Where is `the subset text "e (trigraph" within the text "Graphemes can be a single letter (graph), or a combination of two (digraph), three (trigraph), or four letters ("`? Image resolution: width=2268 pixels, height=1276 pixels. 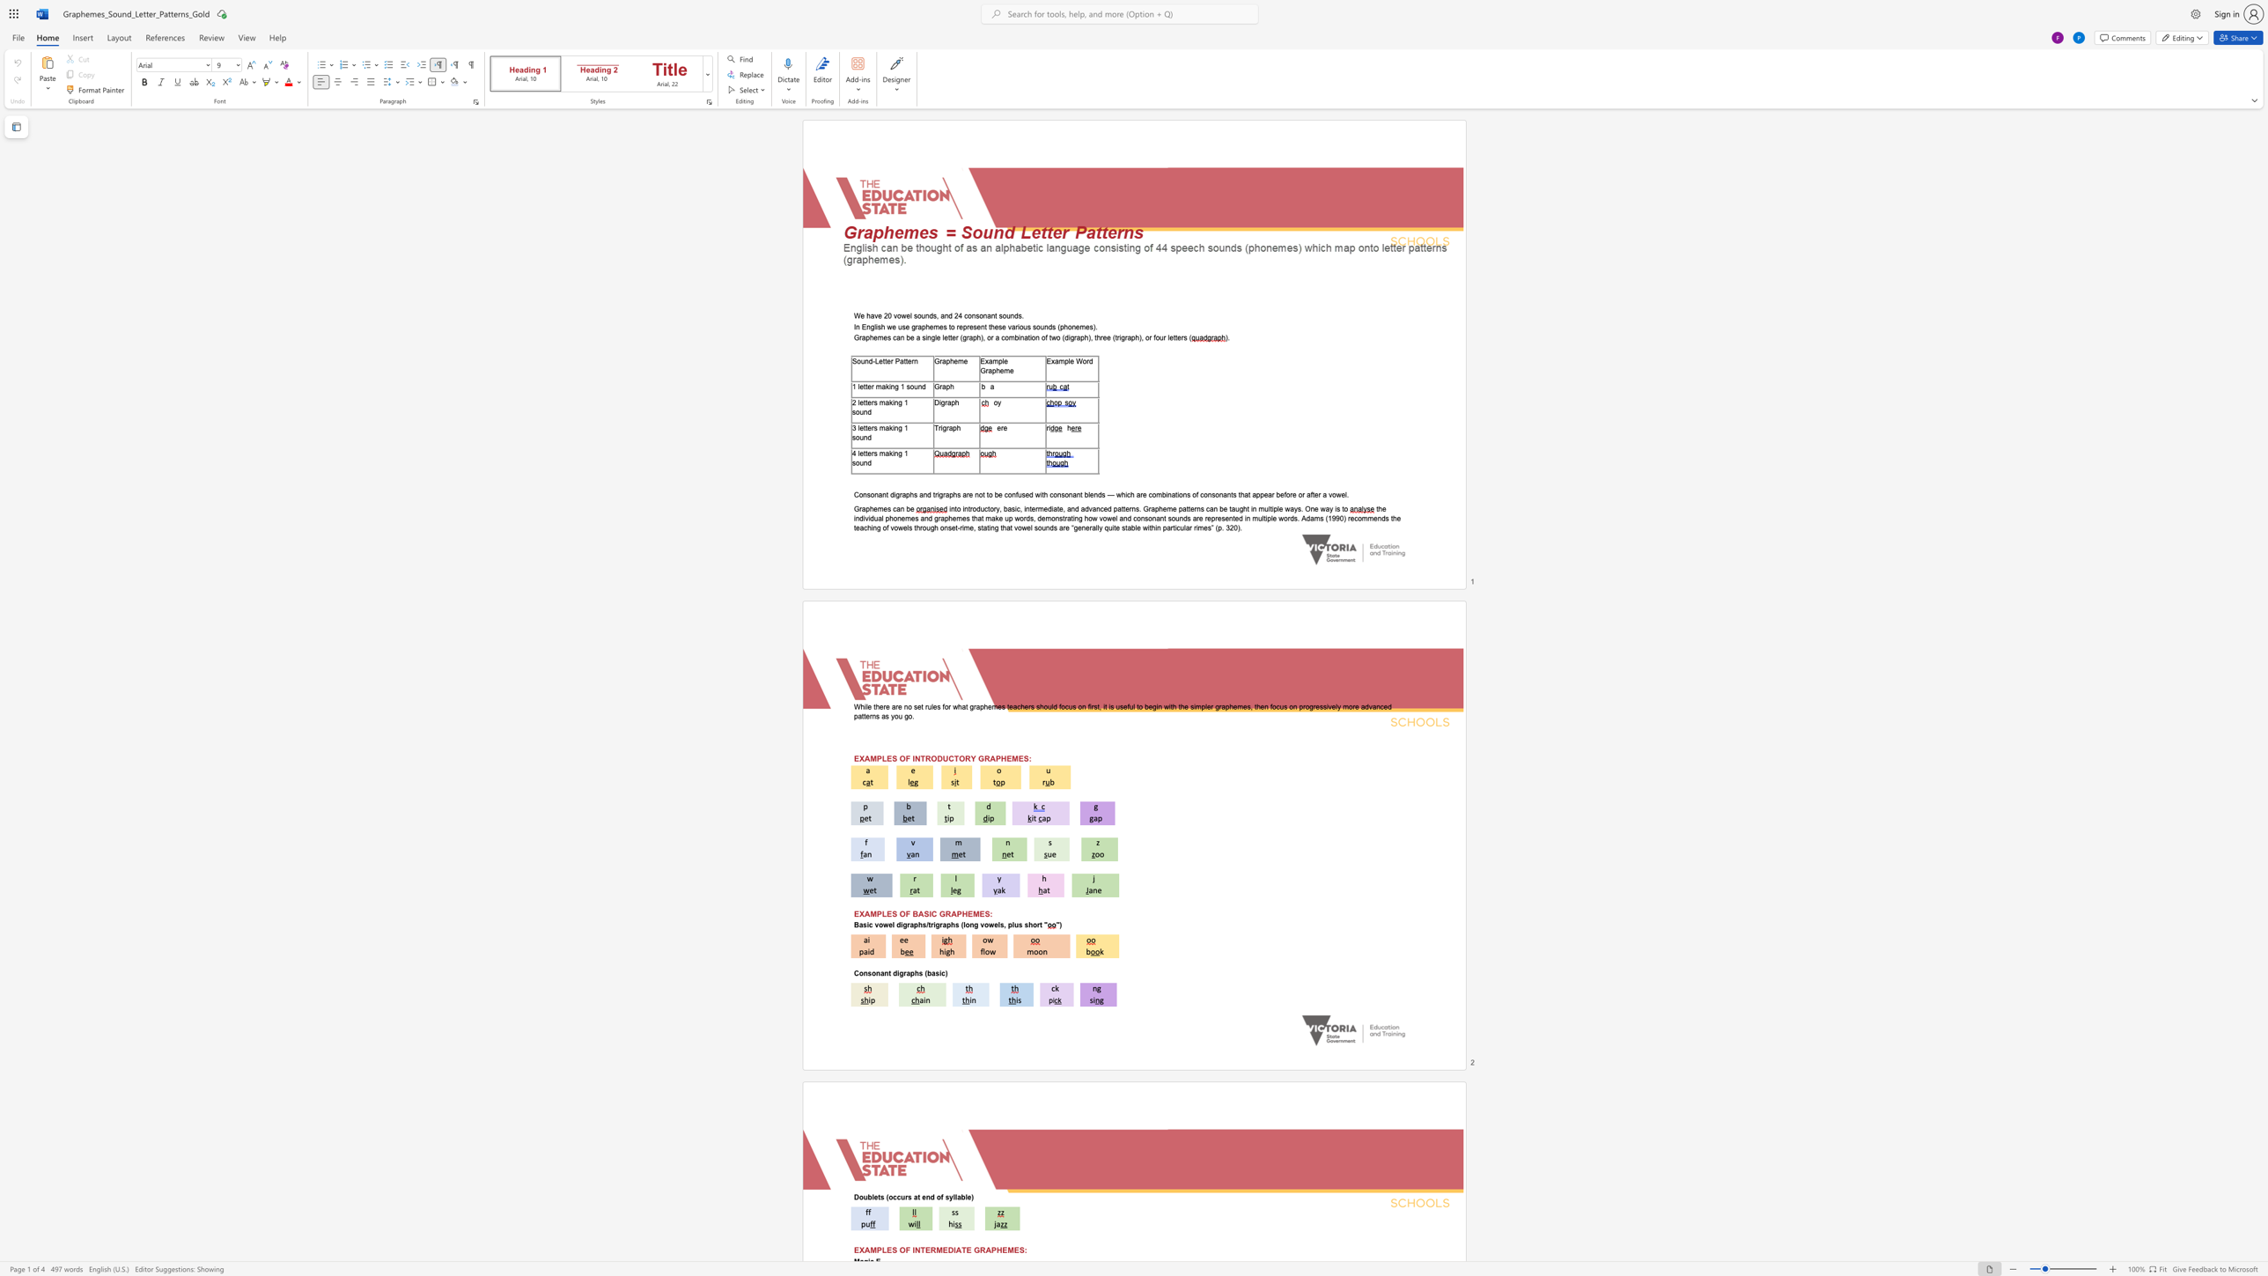
the subset text "e (trigraph" within the text "Graphemes can be a single letter (graph), or a combination of two (digraph), three (trigraph), or four letters (" is located at coordinates (1106, 336).